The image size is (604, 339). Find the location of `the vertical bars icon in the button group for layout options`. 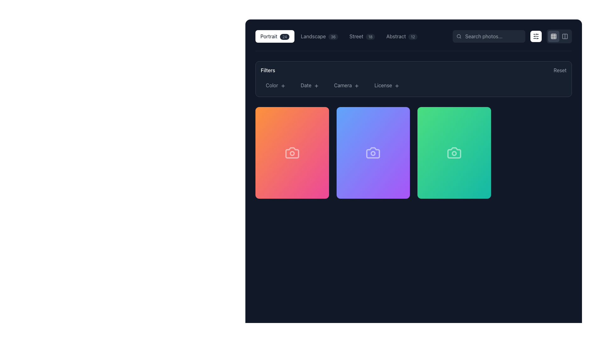

the vertical bars icon in the button group for layout options is located at coordinates (559, 36).